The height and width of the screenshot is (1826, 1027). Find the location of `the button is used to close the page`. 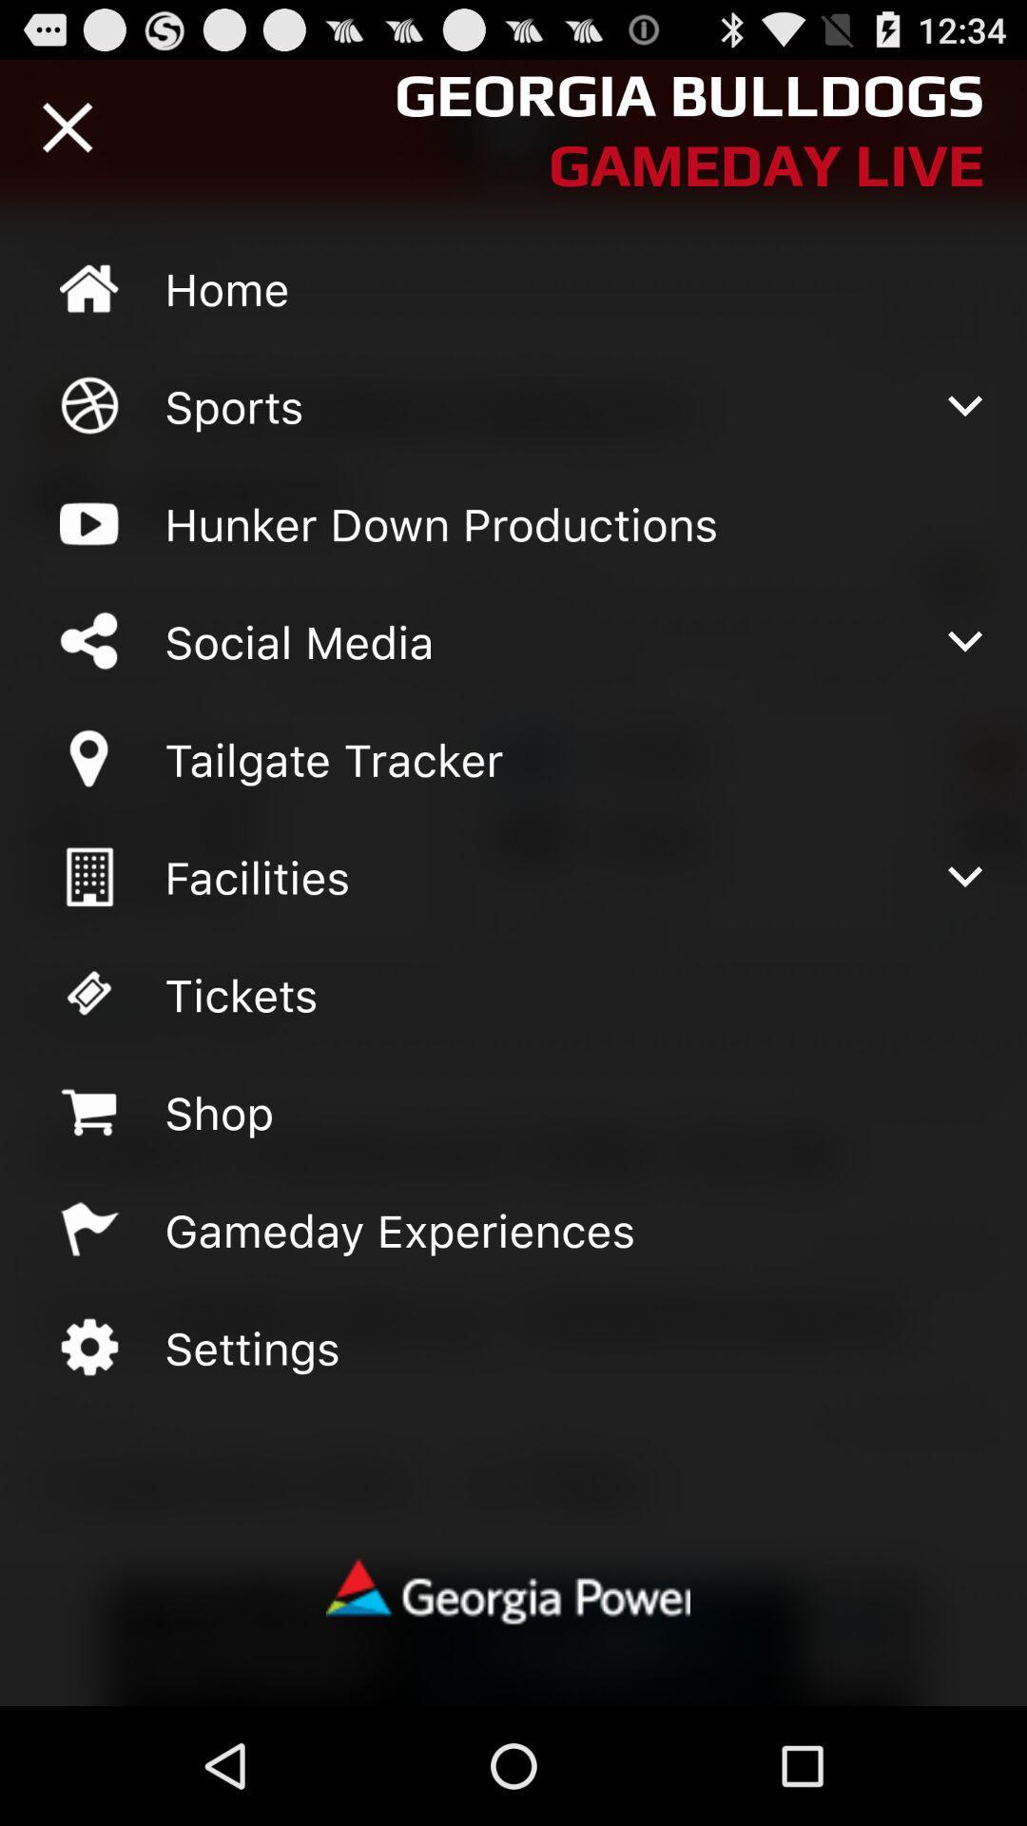

the button is used to close the page is located at coordinates (67, 126).